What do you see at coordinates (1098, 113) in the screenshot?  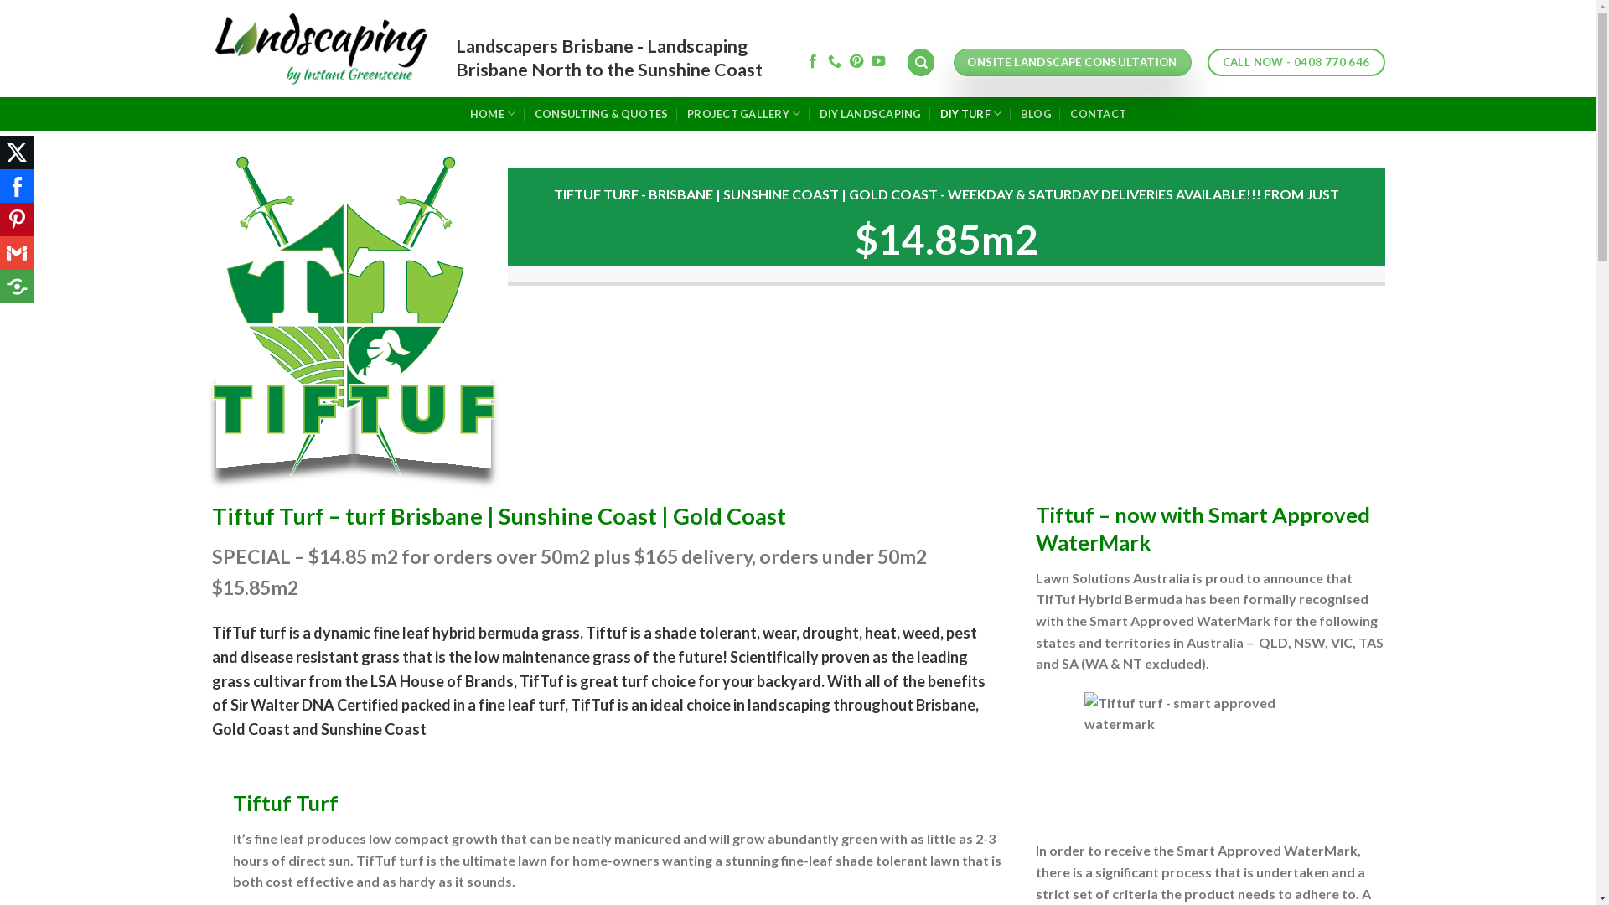 I see `'CONTACT'` at bounding box center [1098, 113].